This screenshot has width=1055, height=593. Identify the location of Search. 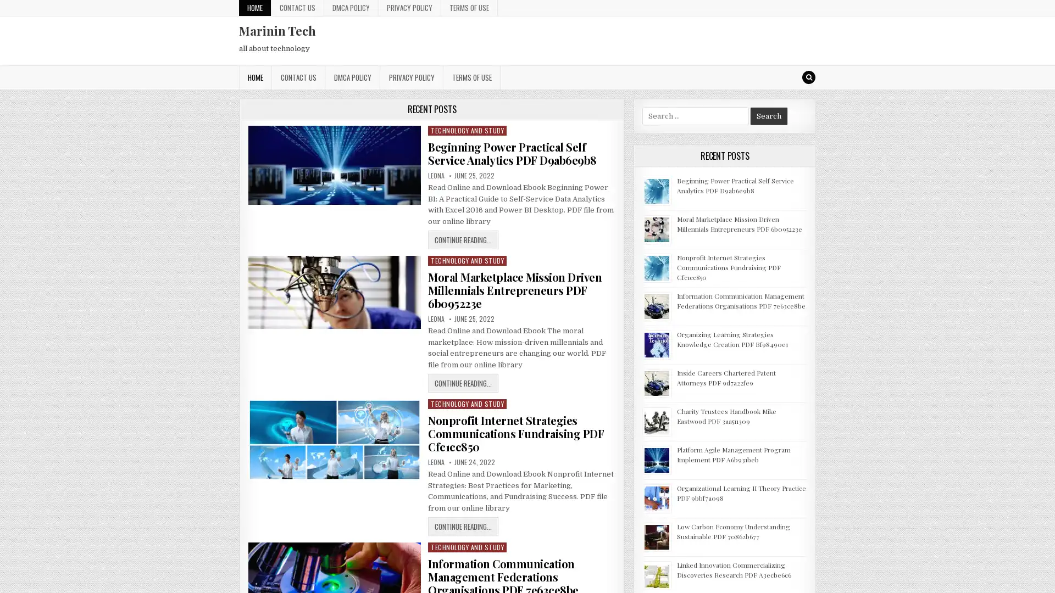
(768, 116).